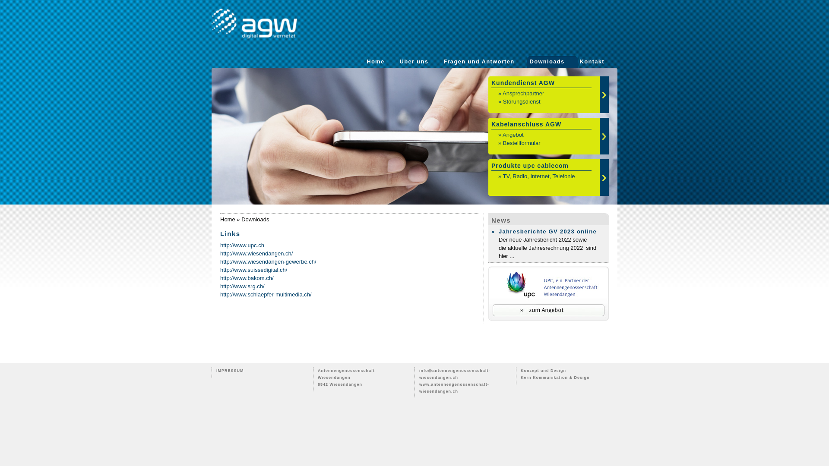 This screenshot has height=466, width=829. I want to click on 'http://www.suissedigital.ch/', so click(220, 269).